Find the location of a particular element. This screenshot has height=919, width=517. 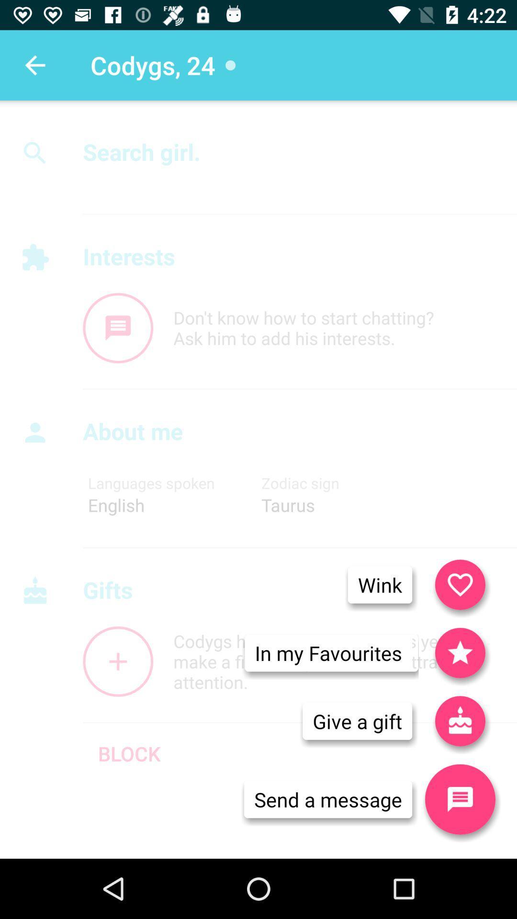

the icon to the right of block is located at coordinates (357, 721).